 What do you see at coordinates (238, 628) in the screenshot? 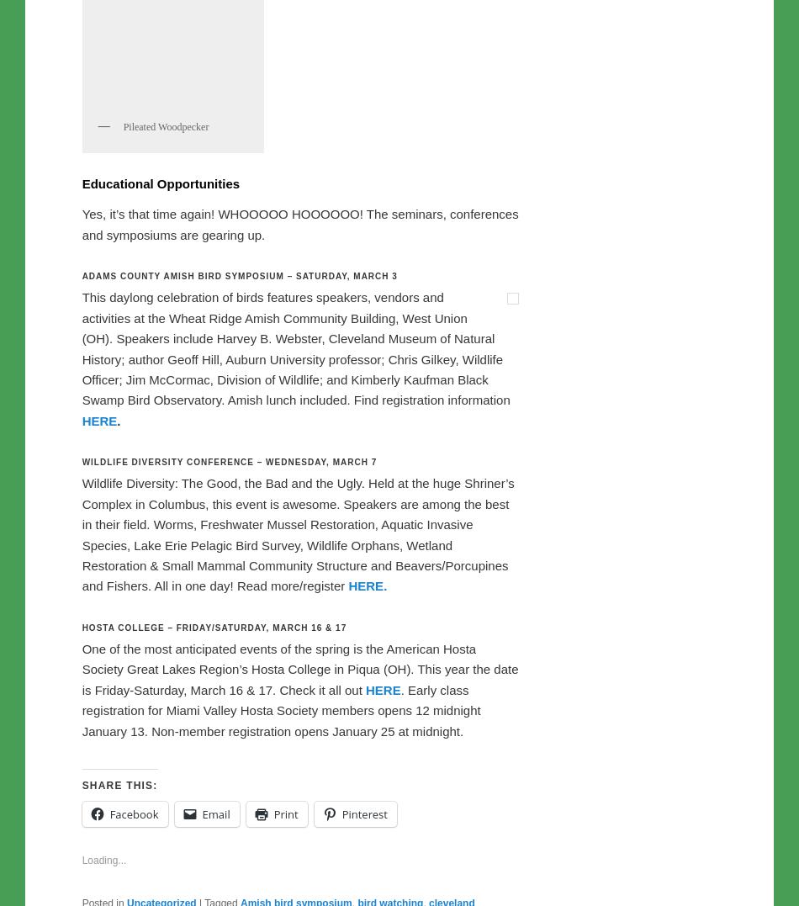
I see `'Adams County Amish Bird Symposium – Saturday, March 3'` at bounding box center [238, 628].